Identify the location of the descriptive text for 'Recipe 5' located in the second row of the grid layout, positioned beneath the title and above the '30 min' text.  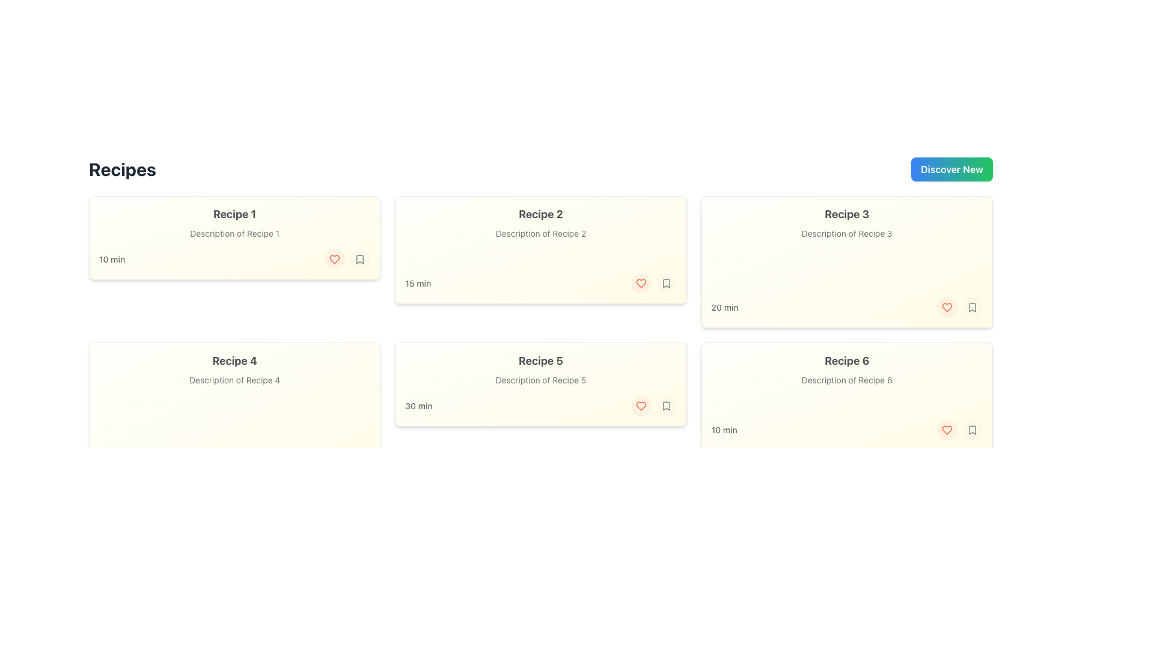
(540, 380).